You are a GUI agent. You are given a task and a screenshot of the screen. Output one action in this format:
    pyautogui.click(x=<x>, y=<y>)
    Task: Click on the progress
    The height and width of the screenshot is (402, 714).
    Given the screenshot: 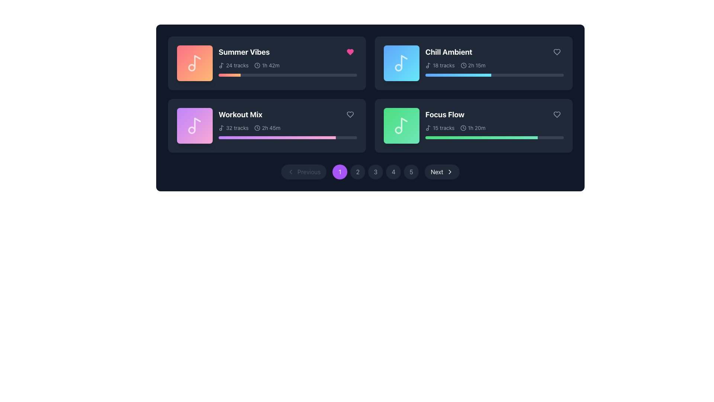 What is the action you would take?
    pyautogui.click(x=311, y=138)
    